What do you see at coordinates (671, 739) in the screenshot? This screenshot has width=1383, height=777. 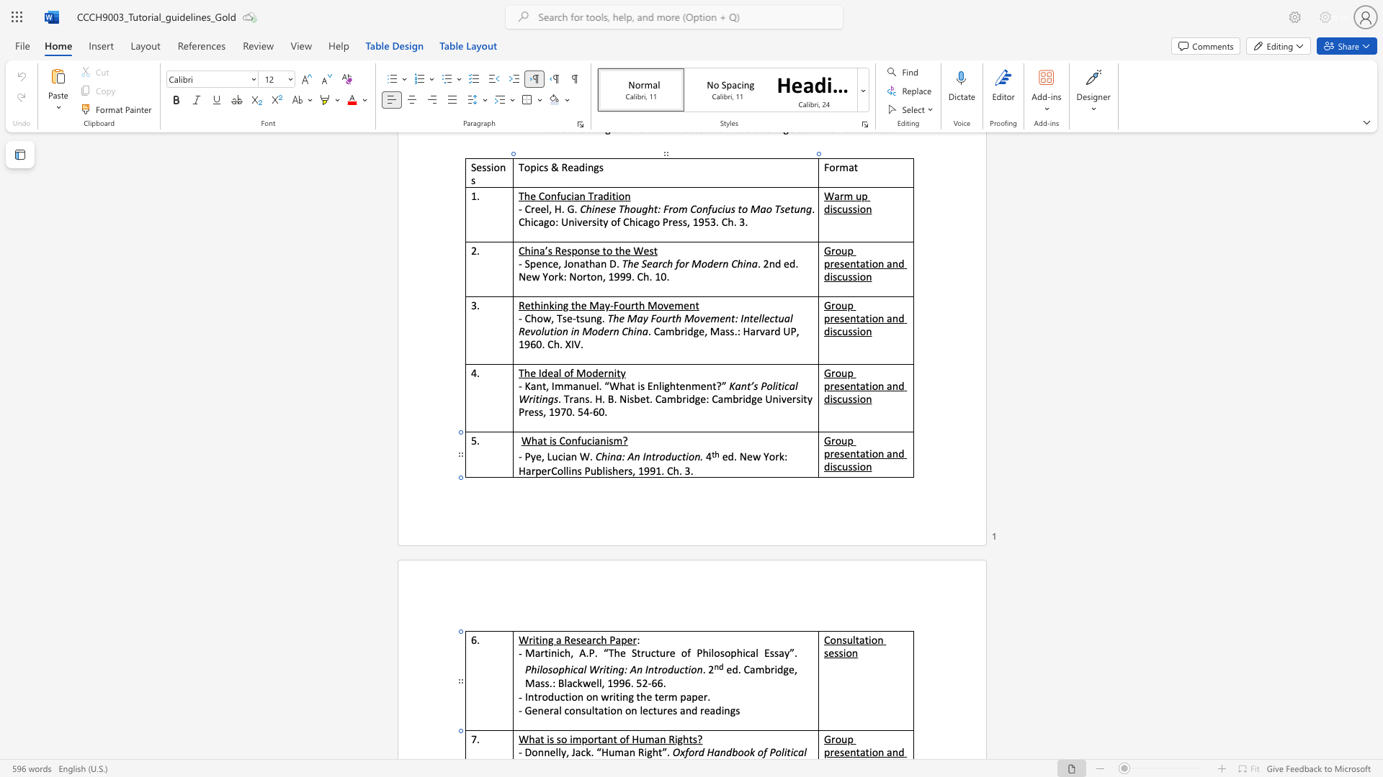 I see `the 1th character "R" in the text` at bounding box center [671, 739].